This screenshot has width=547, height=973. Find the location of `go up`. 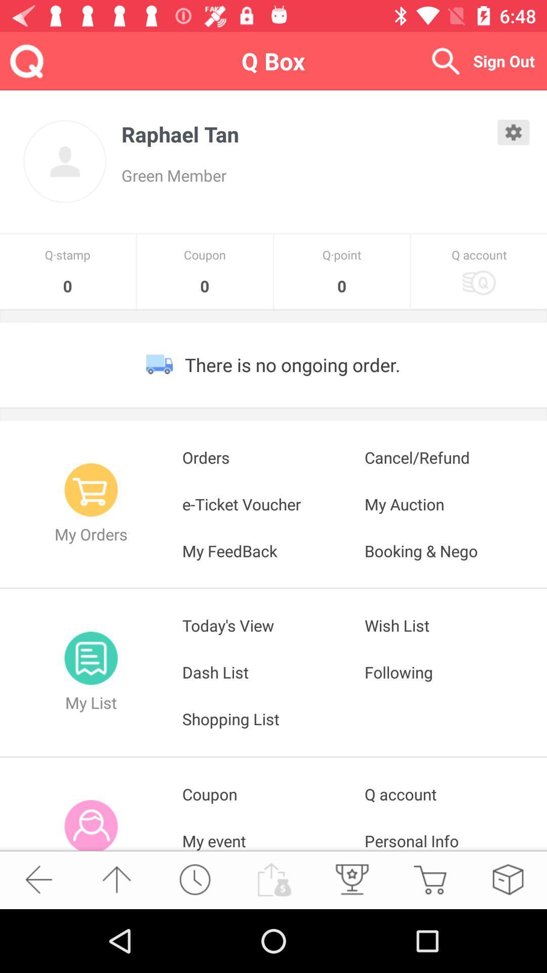

go up is located at coordinates (116, 879).